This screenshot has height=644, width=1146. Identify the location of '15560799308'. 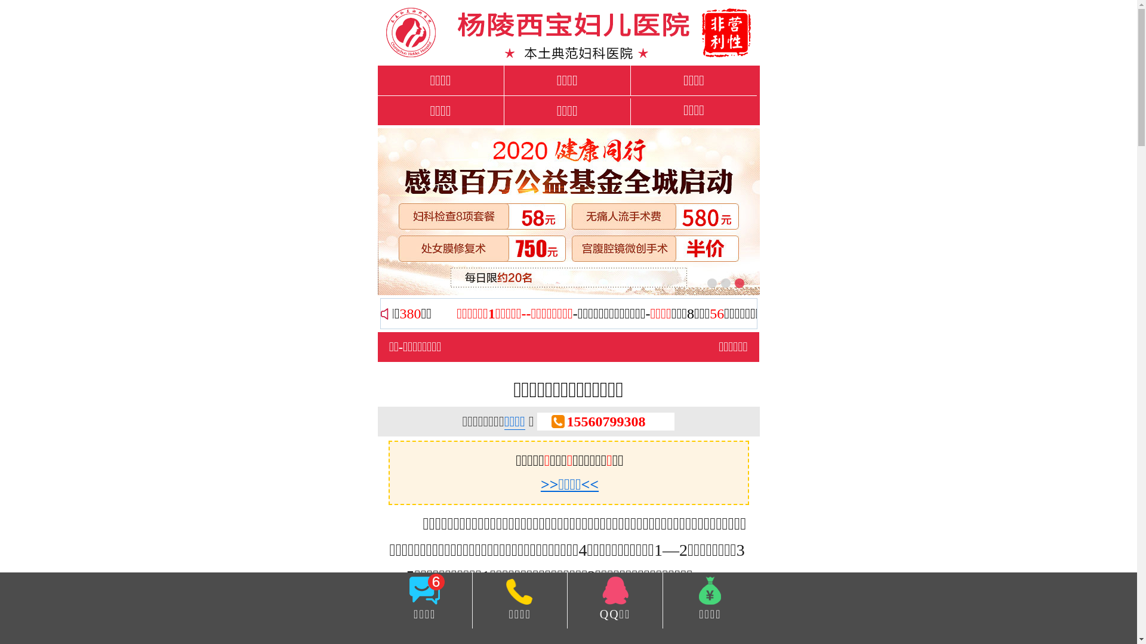
(605, 420).